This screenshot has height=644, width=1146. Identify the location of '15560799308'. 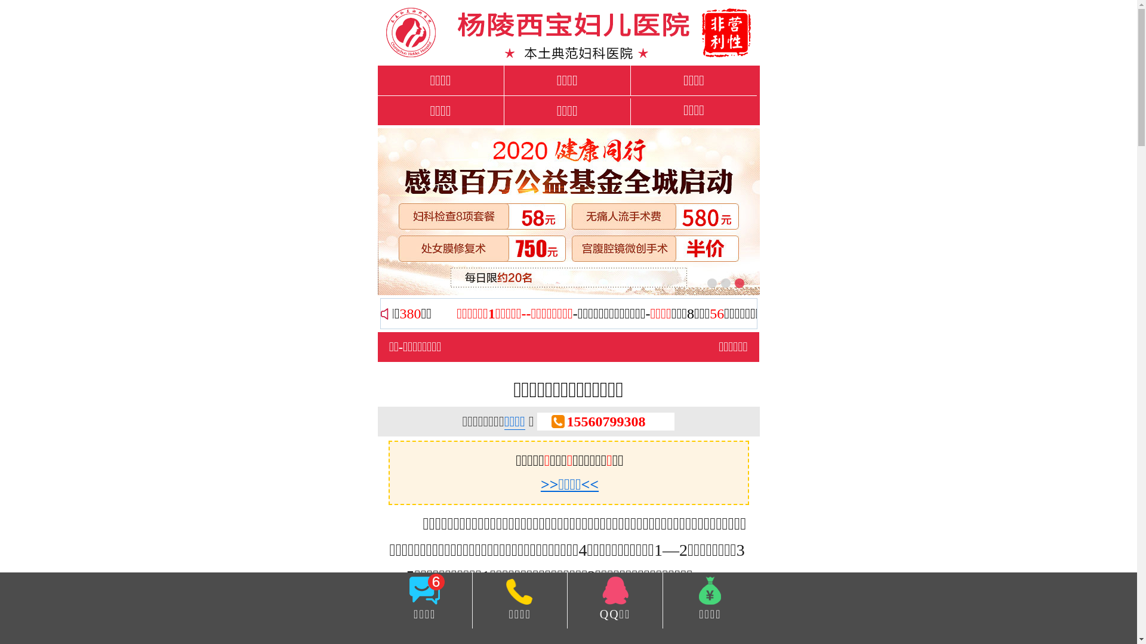
(605, 420).